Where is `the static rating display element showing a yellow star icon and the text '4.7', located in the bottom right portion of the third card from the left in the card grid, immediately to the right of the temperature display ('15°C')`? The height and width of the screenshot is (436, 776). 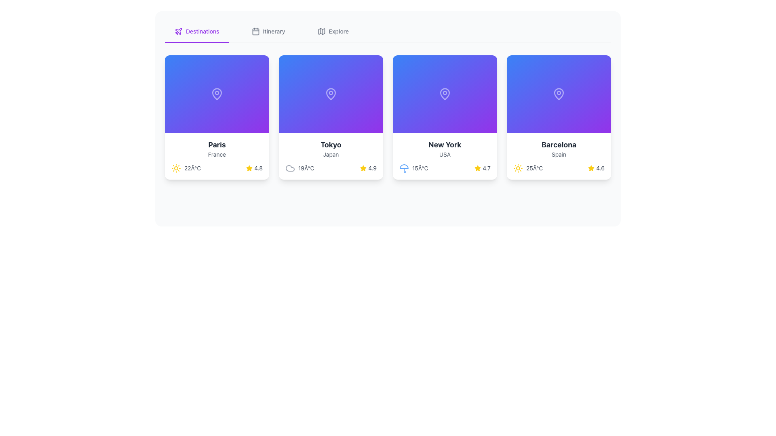
the static rating display element showing a yellow star icon and the text '4.7', located in the bottom right portion of the third card from the left in the card grid, immediately to the right of the temperature display ('15°C') is located at coordinates (483, 168).